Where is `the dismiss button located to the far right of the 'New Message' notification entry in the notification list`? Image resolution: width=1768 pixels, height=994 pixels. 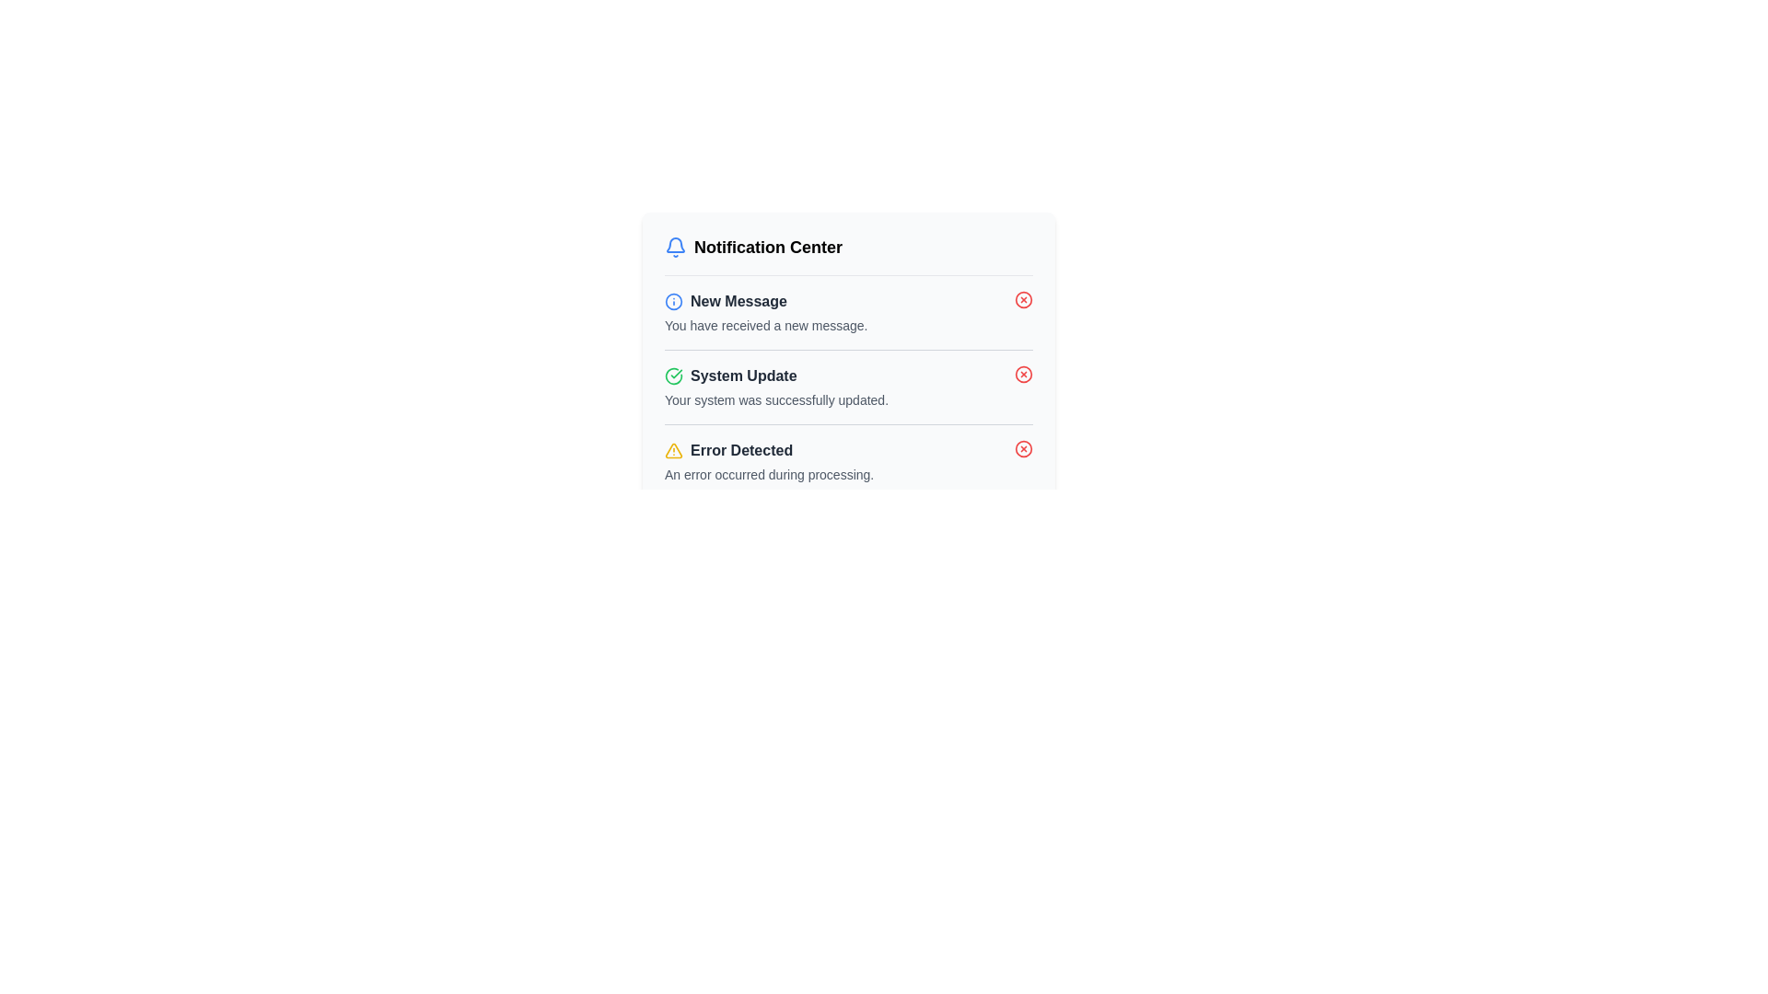 the dismiss button located to the far right of the 'New Message' notification entry in the notification list is located at coordinates (1023, 299).